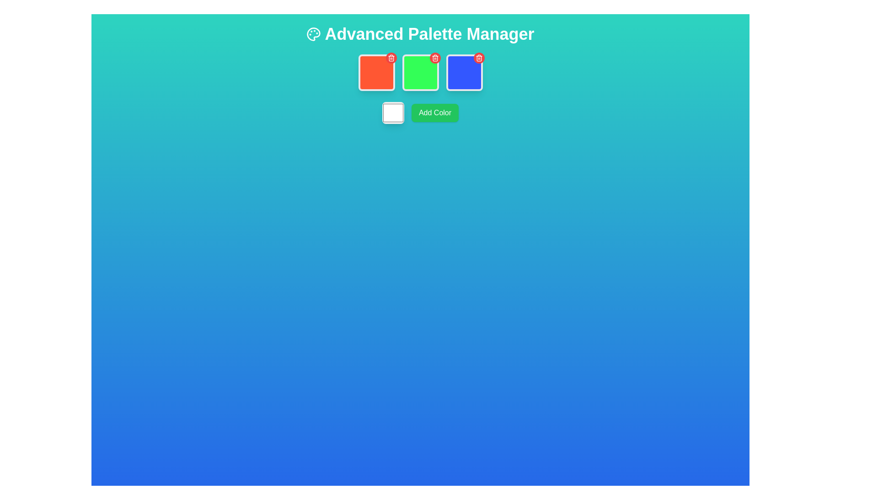 The height and width of the screenshot is (494, 878). I want to click on the trash bin icon located within a red button, so click(478, 59).